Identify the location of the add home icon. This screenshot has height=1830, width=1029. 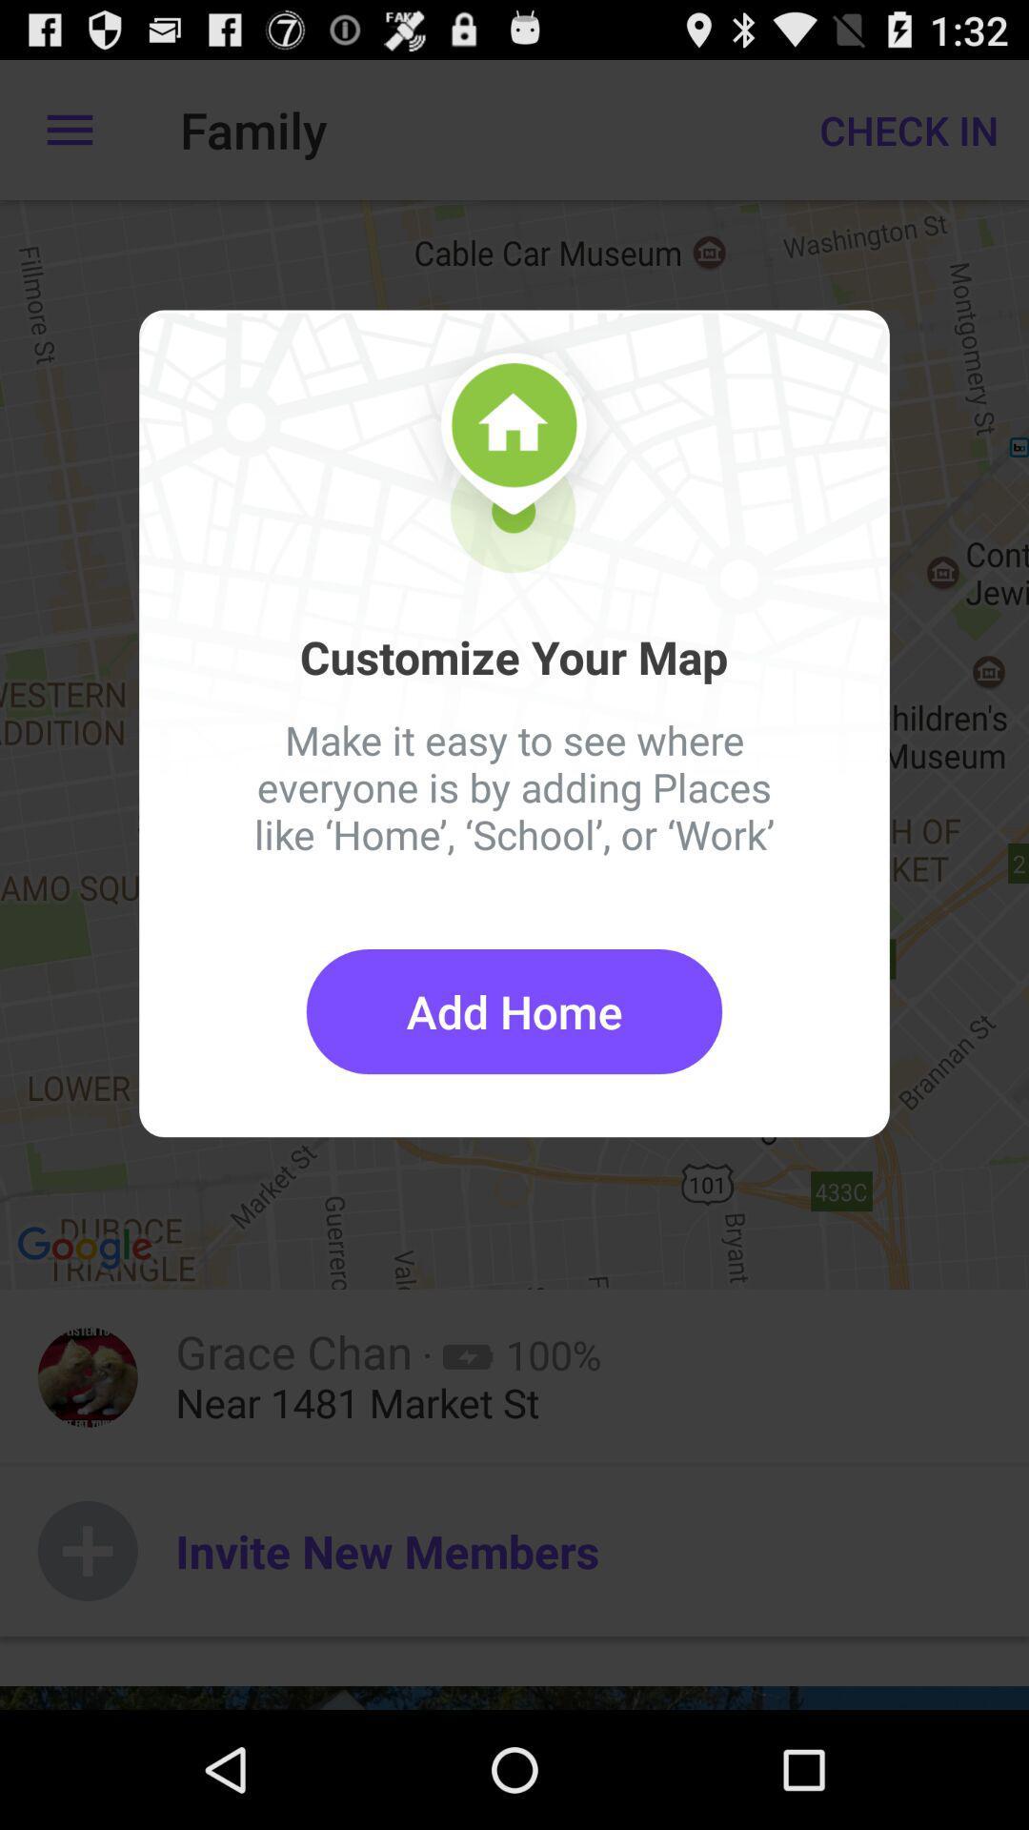
(514, 1010).